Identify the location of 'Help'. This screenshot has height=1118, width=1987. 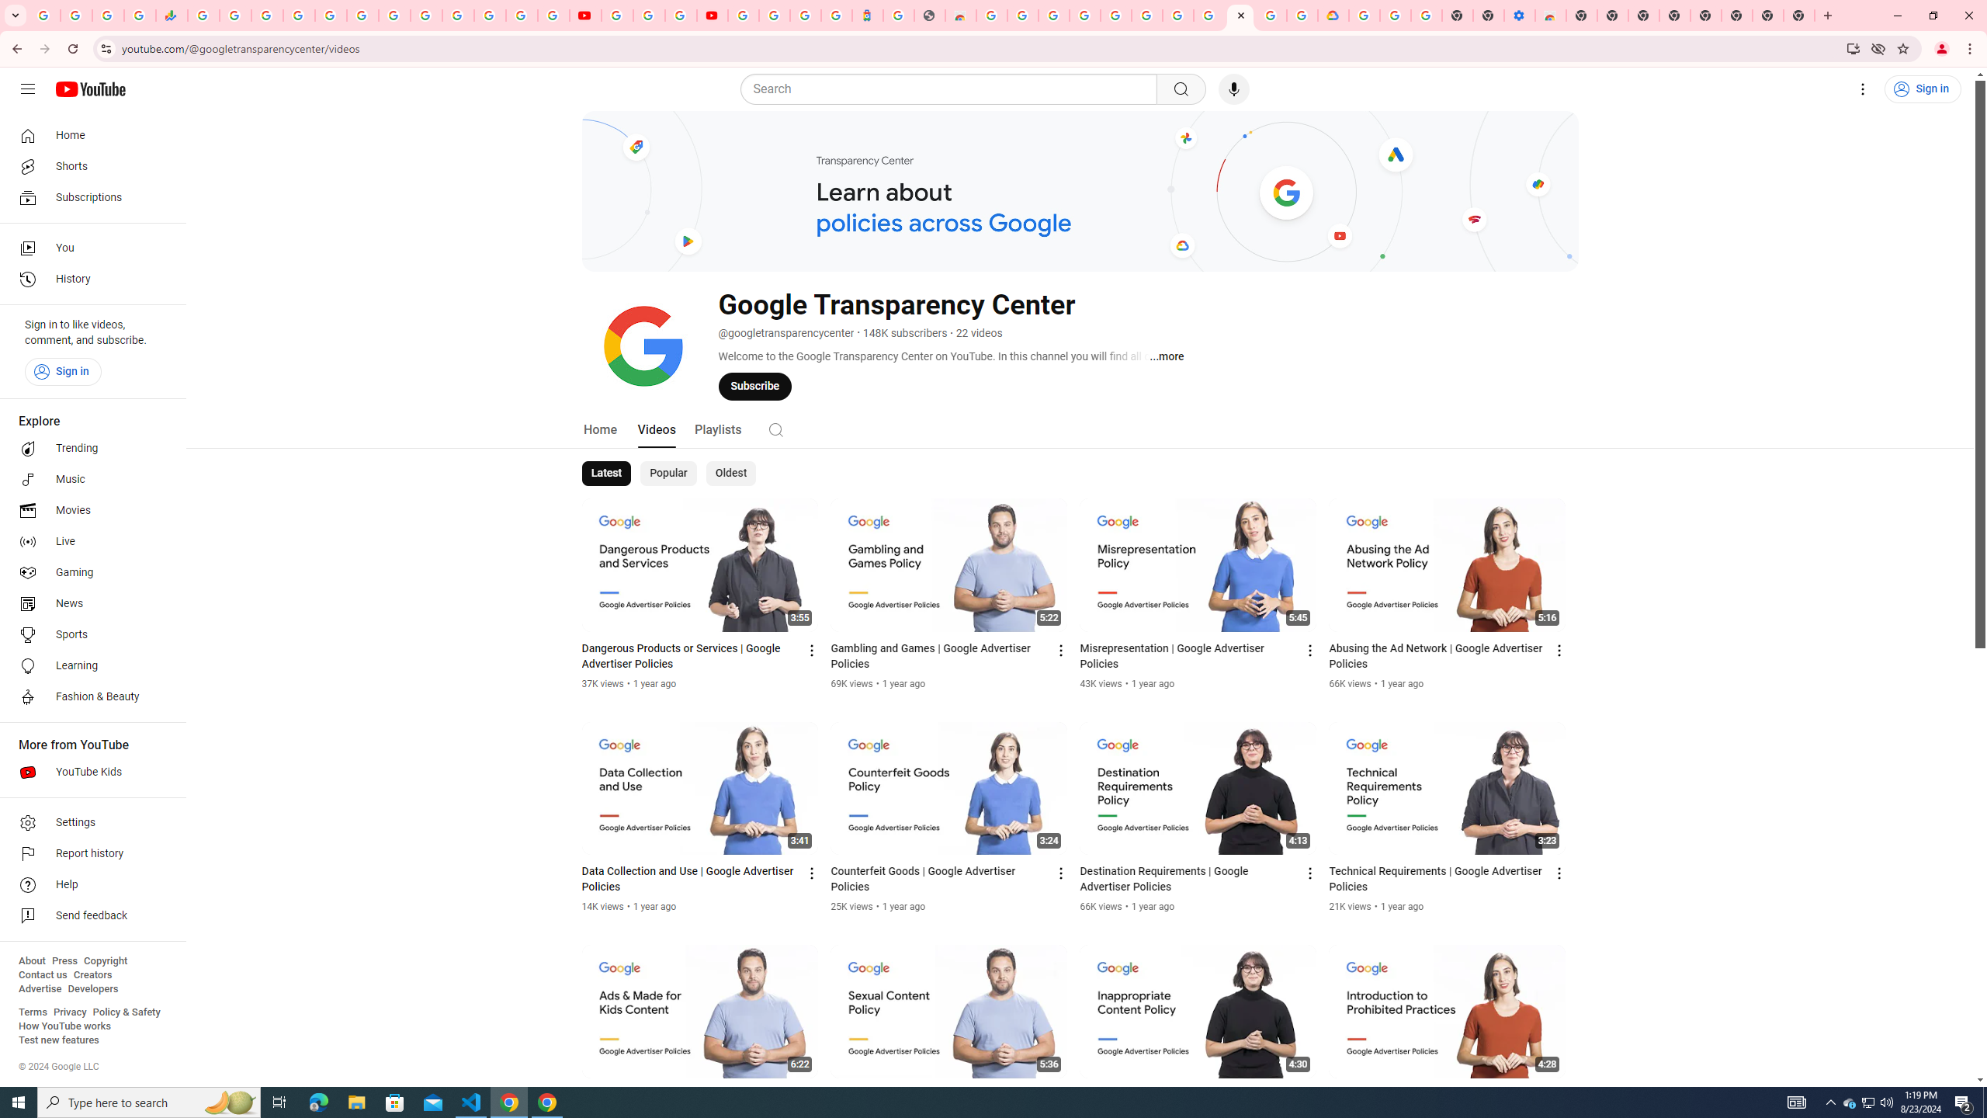
(88, 885).